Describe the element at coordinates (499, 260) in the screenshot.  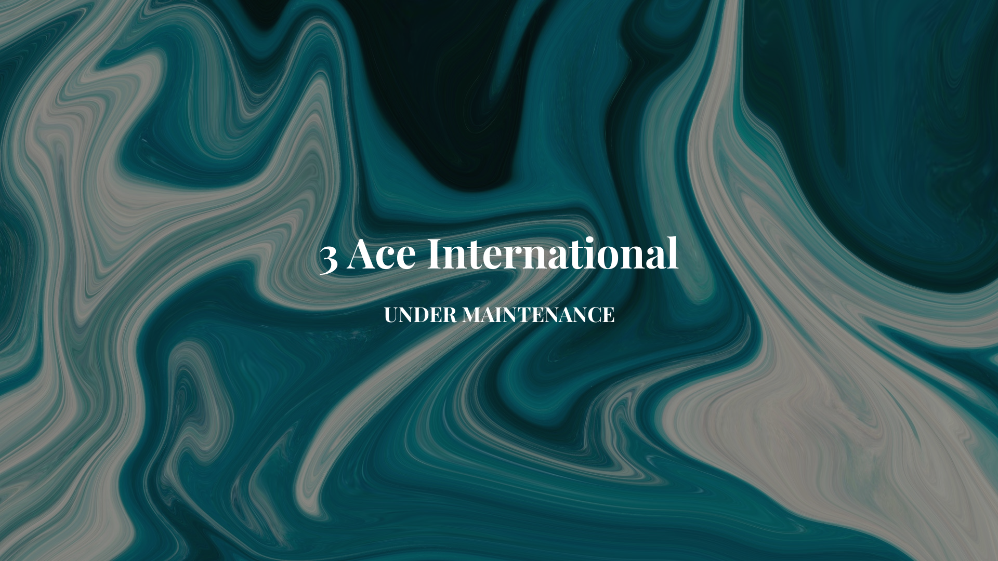
I see `'3 Ace International'` at that location.